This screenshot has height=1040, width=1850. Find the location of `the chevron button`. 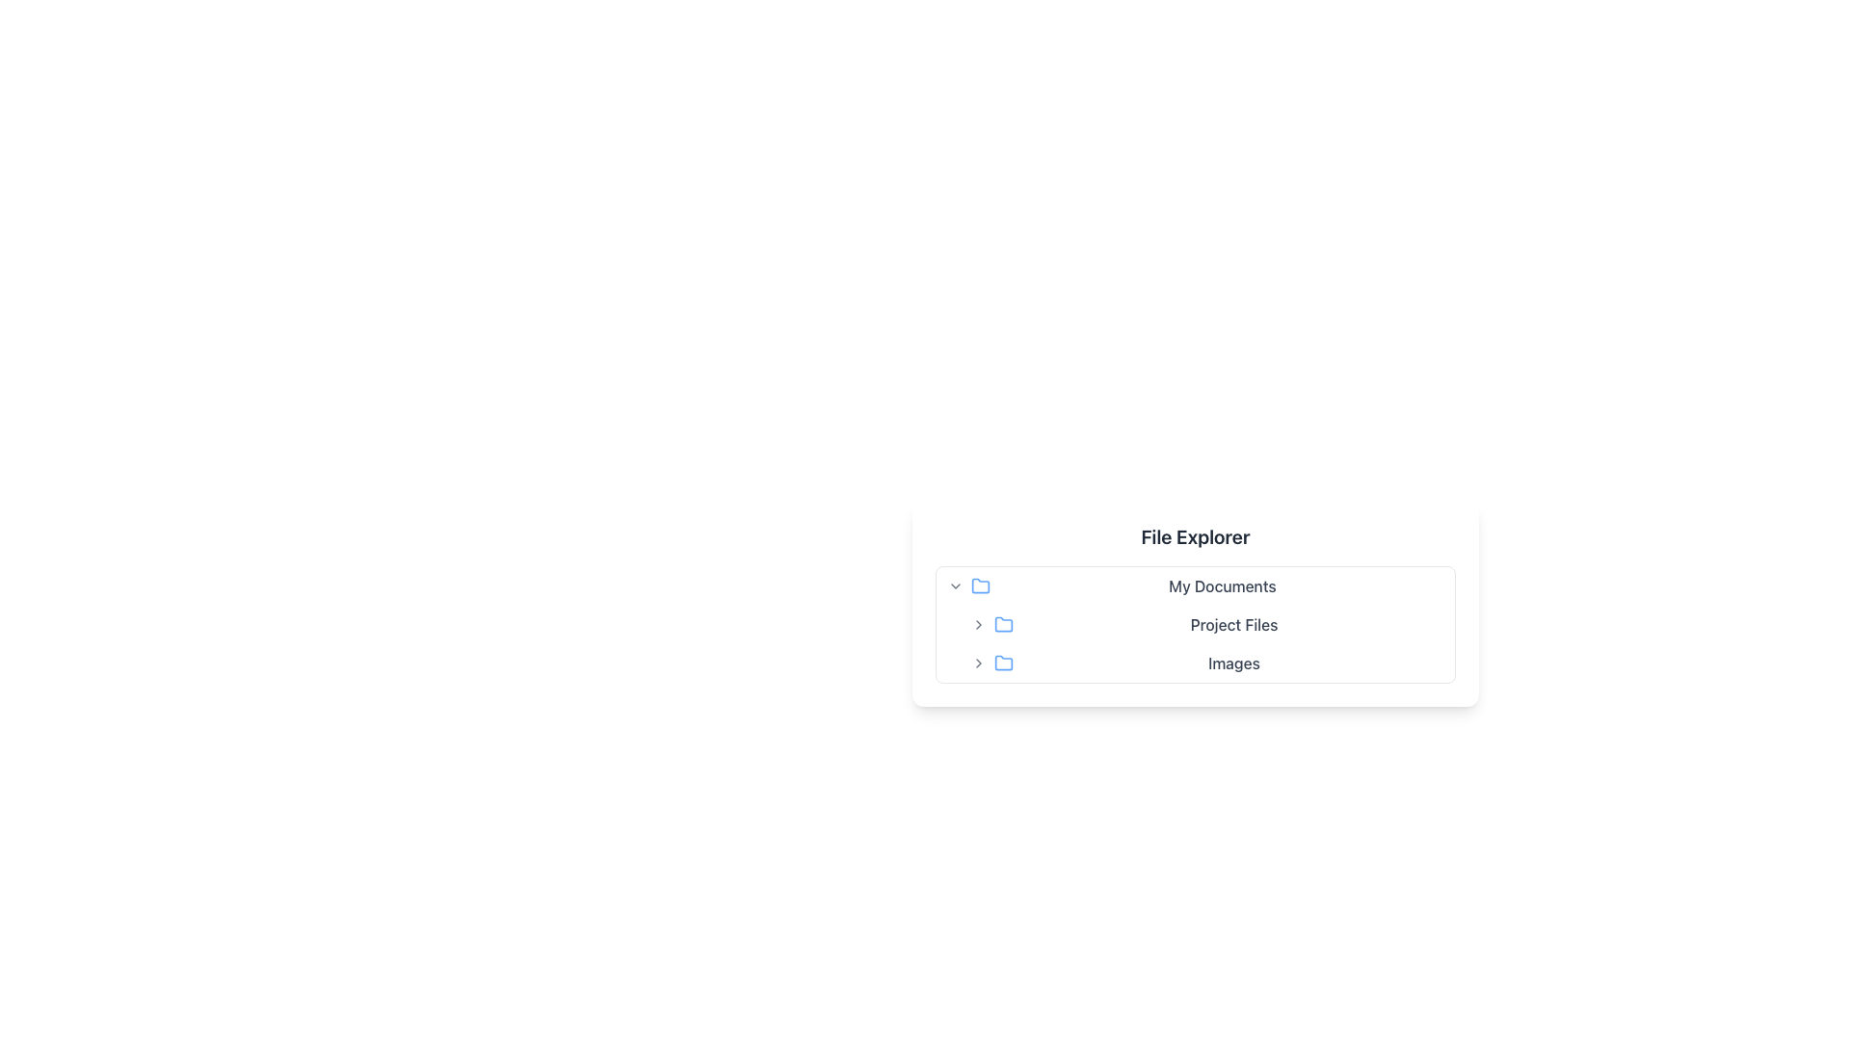

the chevron button is located at coordinates (979, 663).